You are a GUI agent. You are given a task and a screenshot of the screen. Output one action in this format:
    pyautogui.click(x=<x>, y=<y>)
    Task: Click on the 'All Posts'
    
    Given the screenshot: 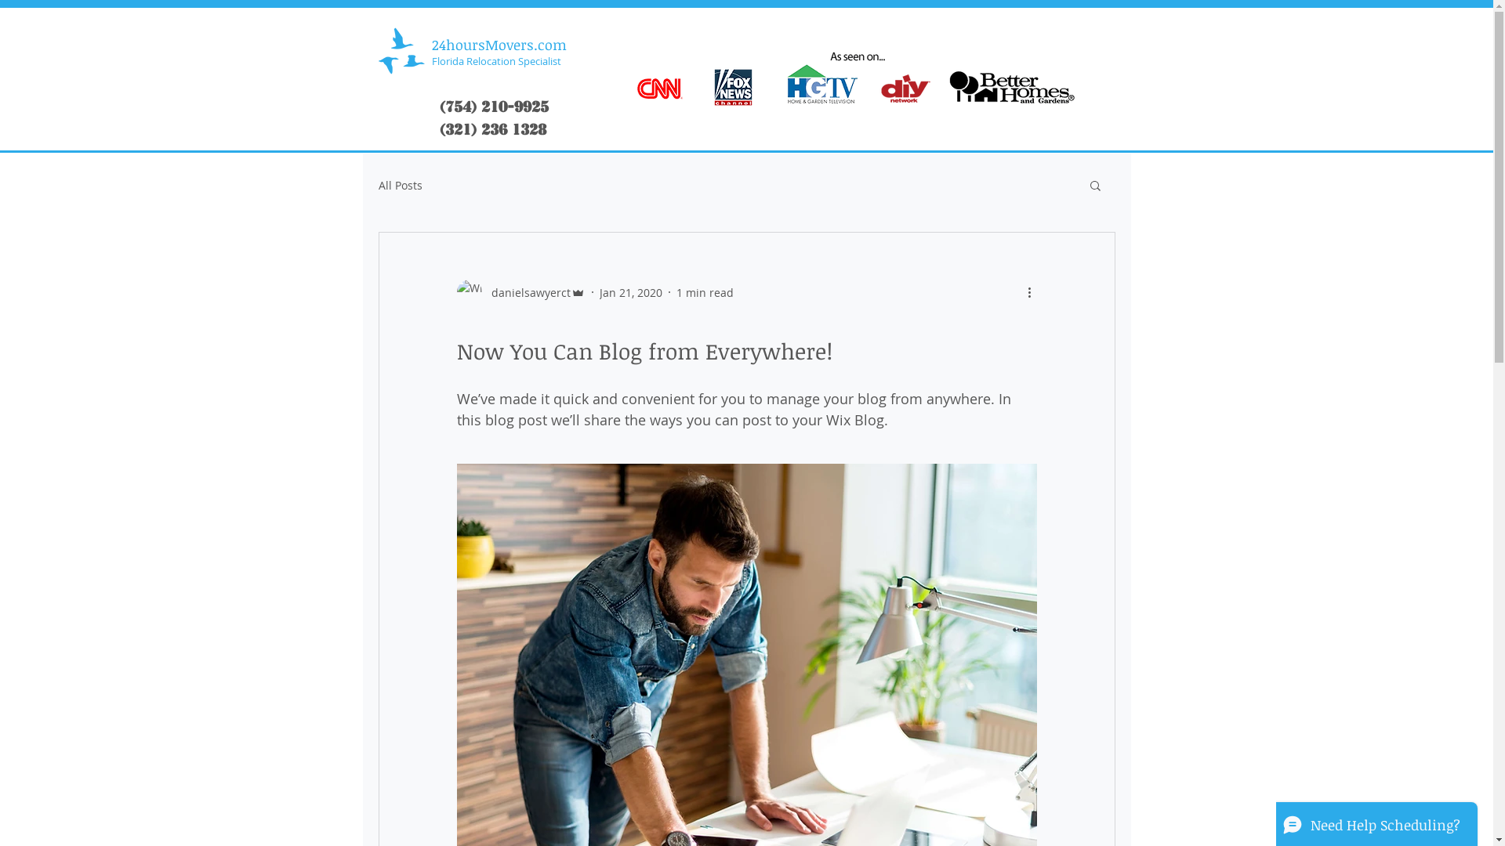 What is the action you would take?
    pyautogui.click(x=399, y=183)
    